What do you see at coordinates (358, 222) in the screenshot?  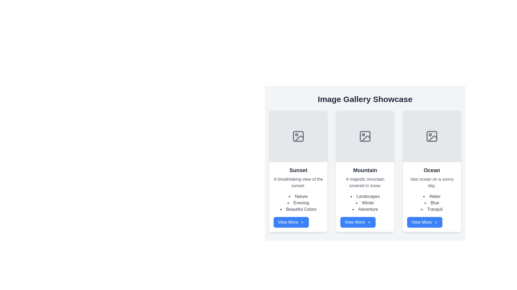 I see `the button located at the bottom section of the 'Mountain' card` at bounding box center [358, 222].